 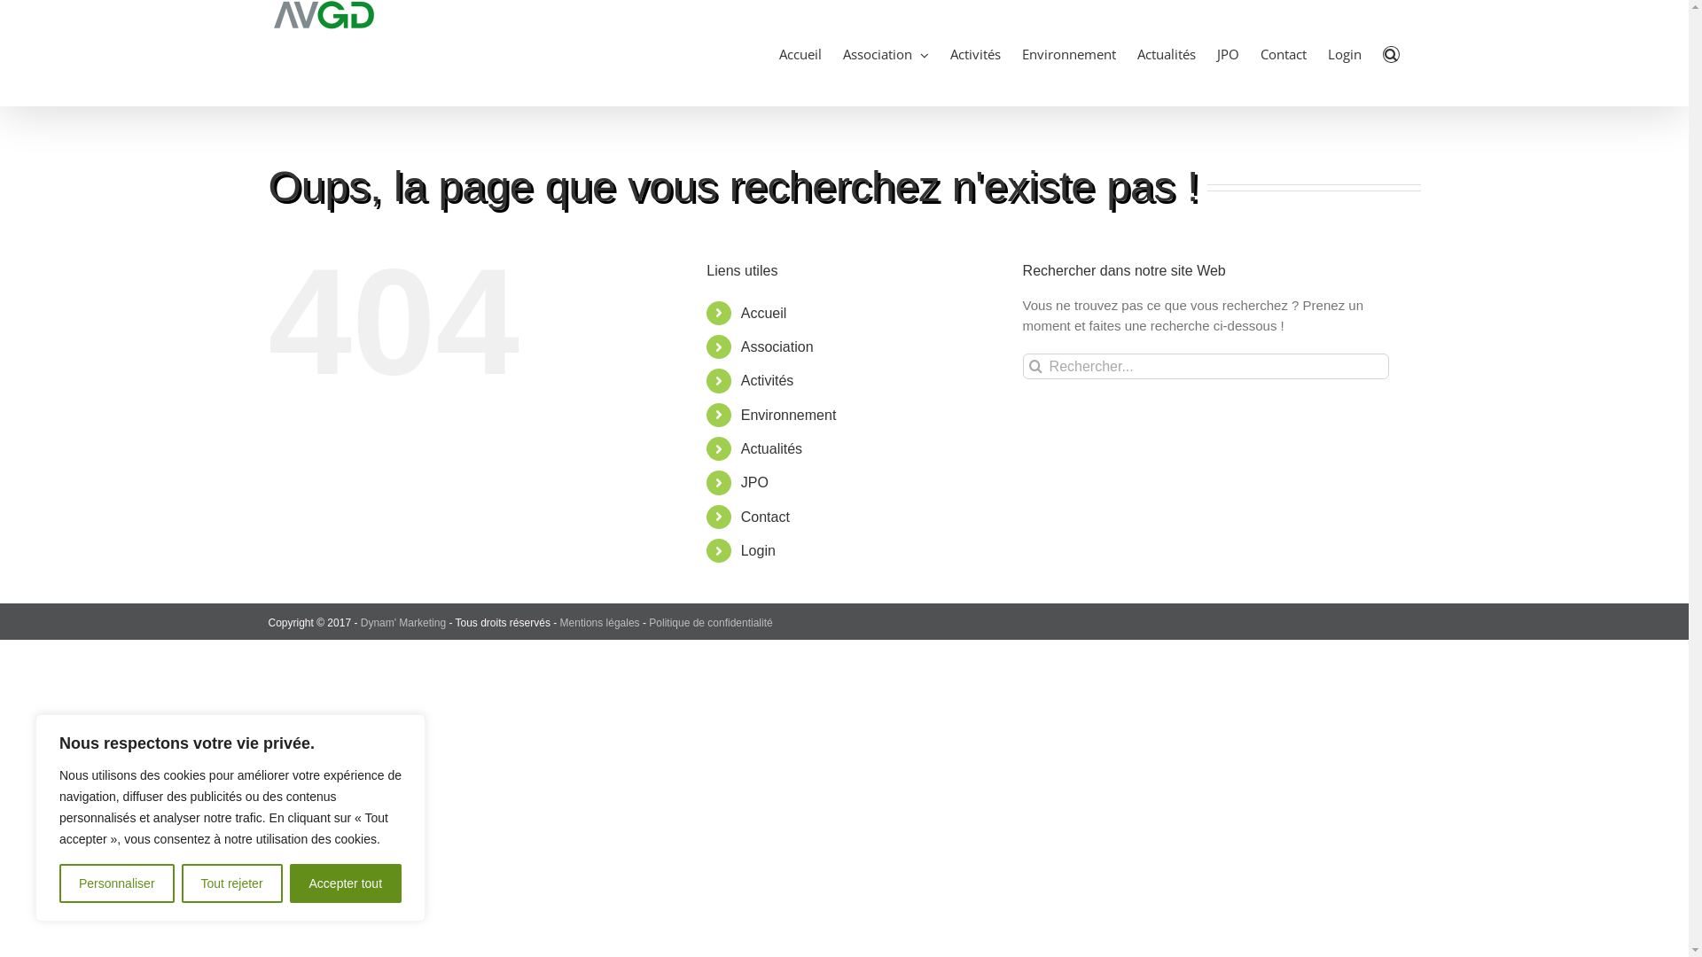 What do you see at coordinates (787, 415) in the screenshot?
I see `'Environnement'` at bounding box center [787, 415].